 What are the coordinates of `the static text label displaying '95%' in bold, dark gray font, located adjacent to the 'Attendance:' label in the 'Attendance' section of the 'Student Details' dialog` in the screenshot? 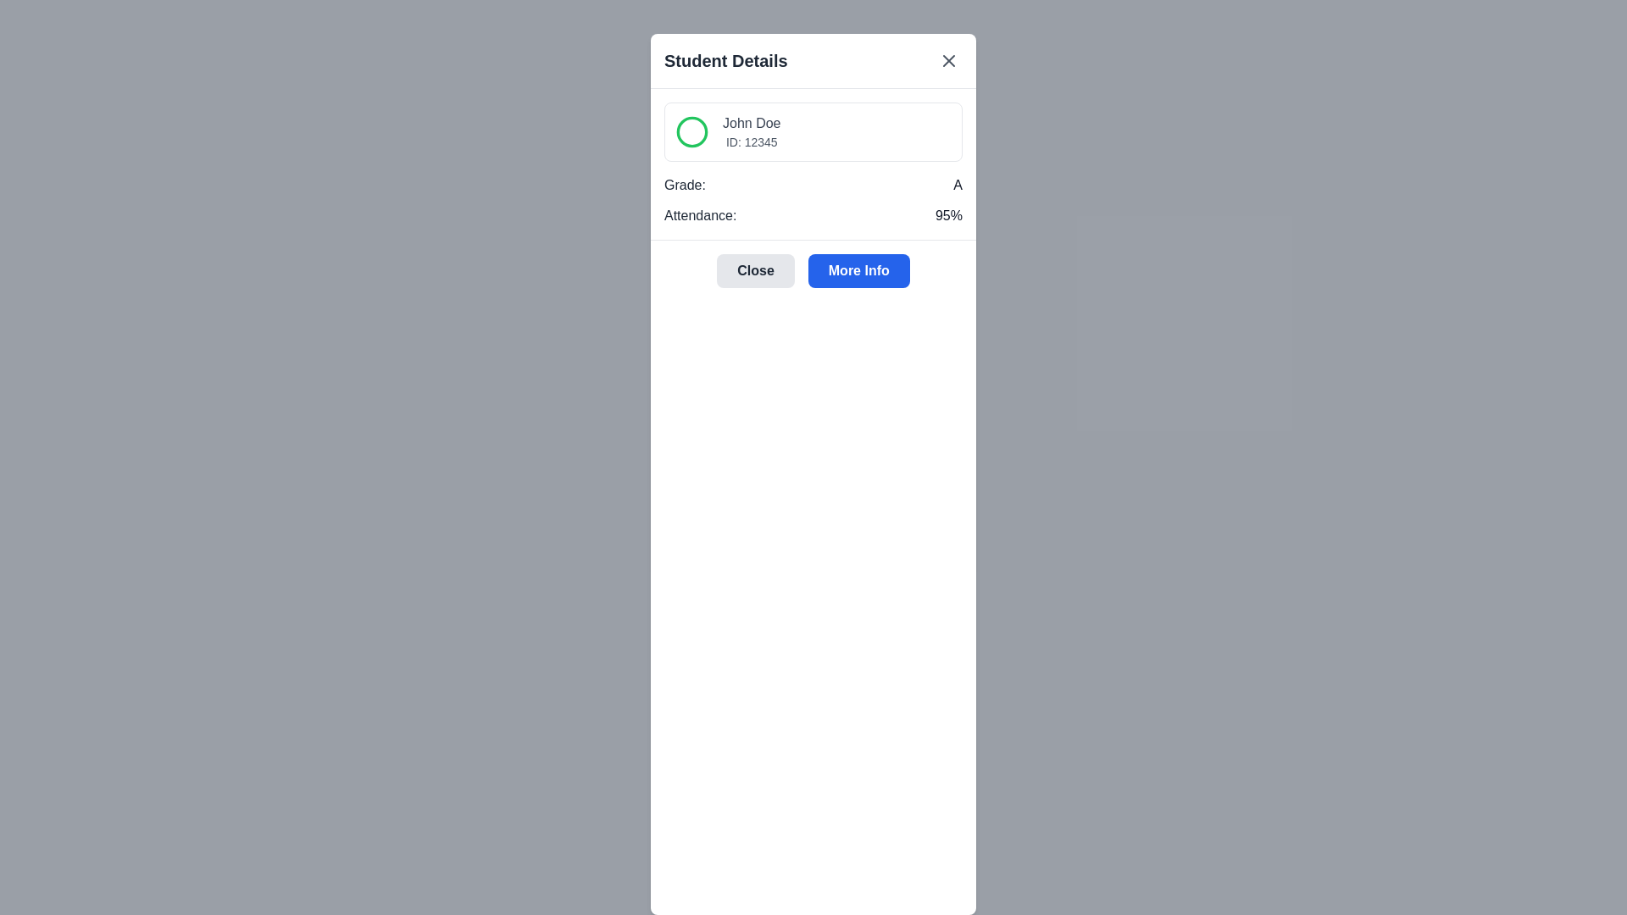 It's located at (947, 214).